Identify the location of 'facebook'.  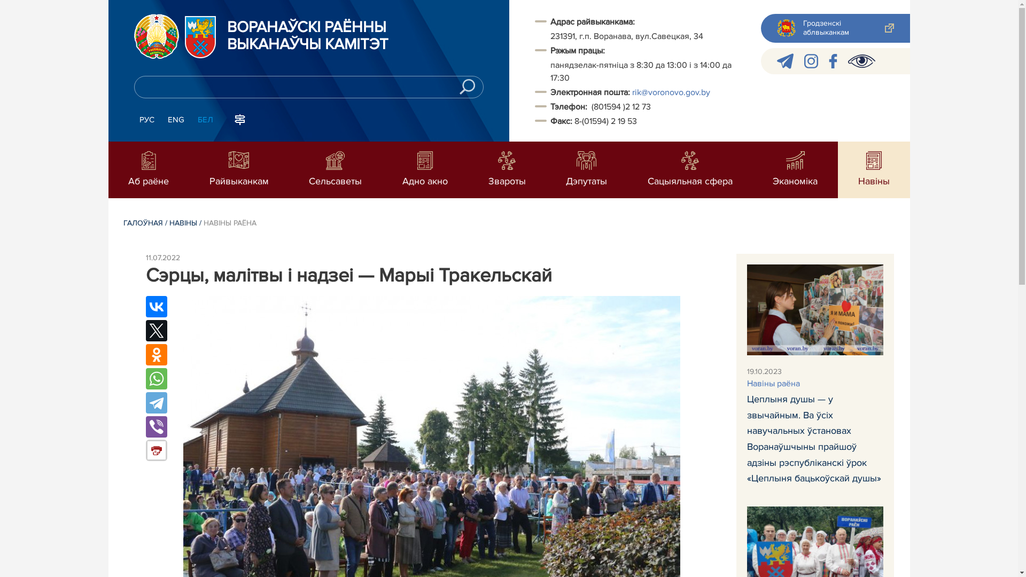
(833, 61).